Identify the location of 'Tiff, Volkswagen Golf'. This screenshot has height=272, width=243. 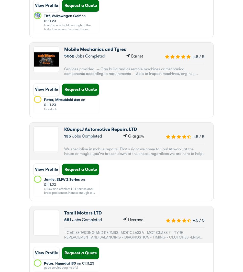
(62, 15).